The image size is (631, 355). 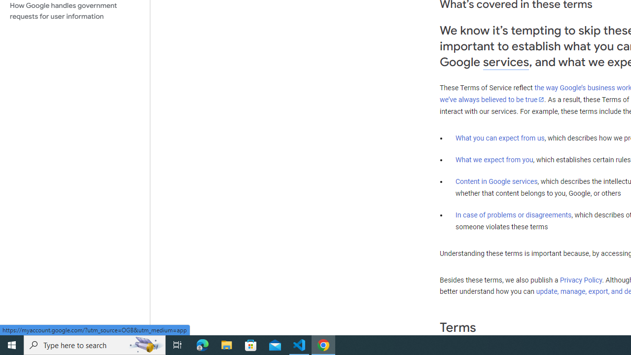 I want to click on 'services', so click(x=506, y=62).